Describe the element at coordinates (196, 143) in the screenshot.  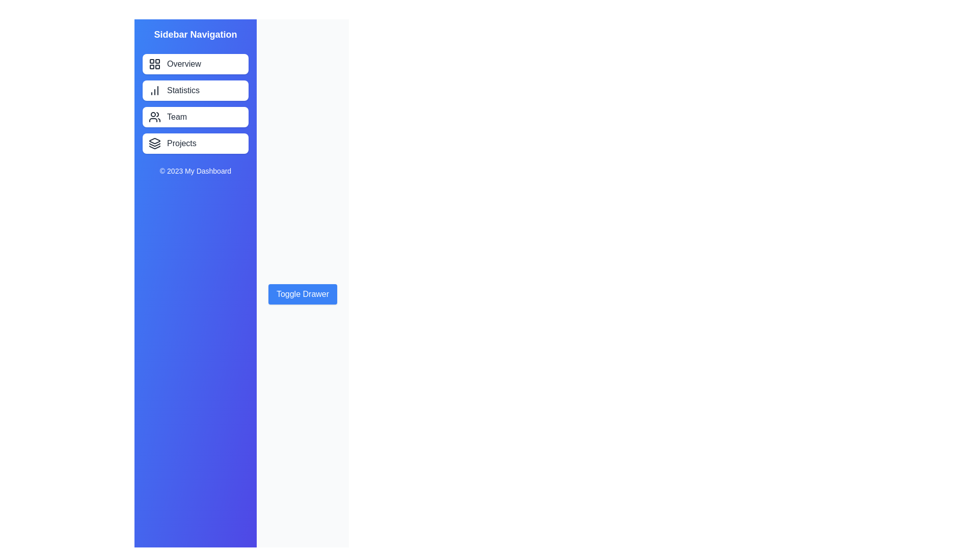
I see `the sidebar menu item Projects` at that location.